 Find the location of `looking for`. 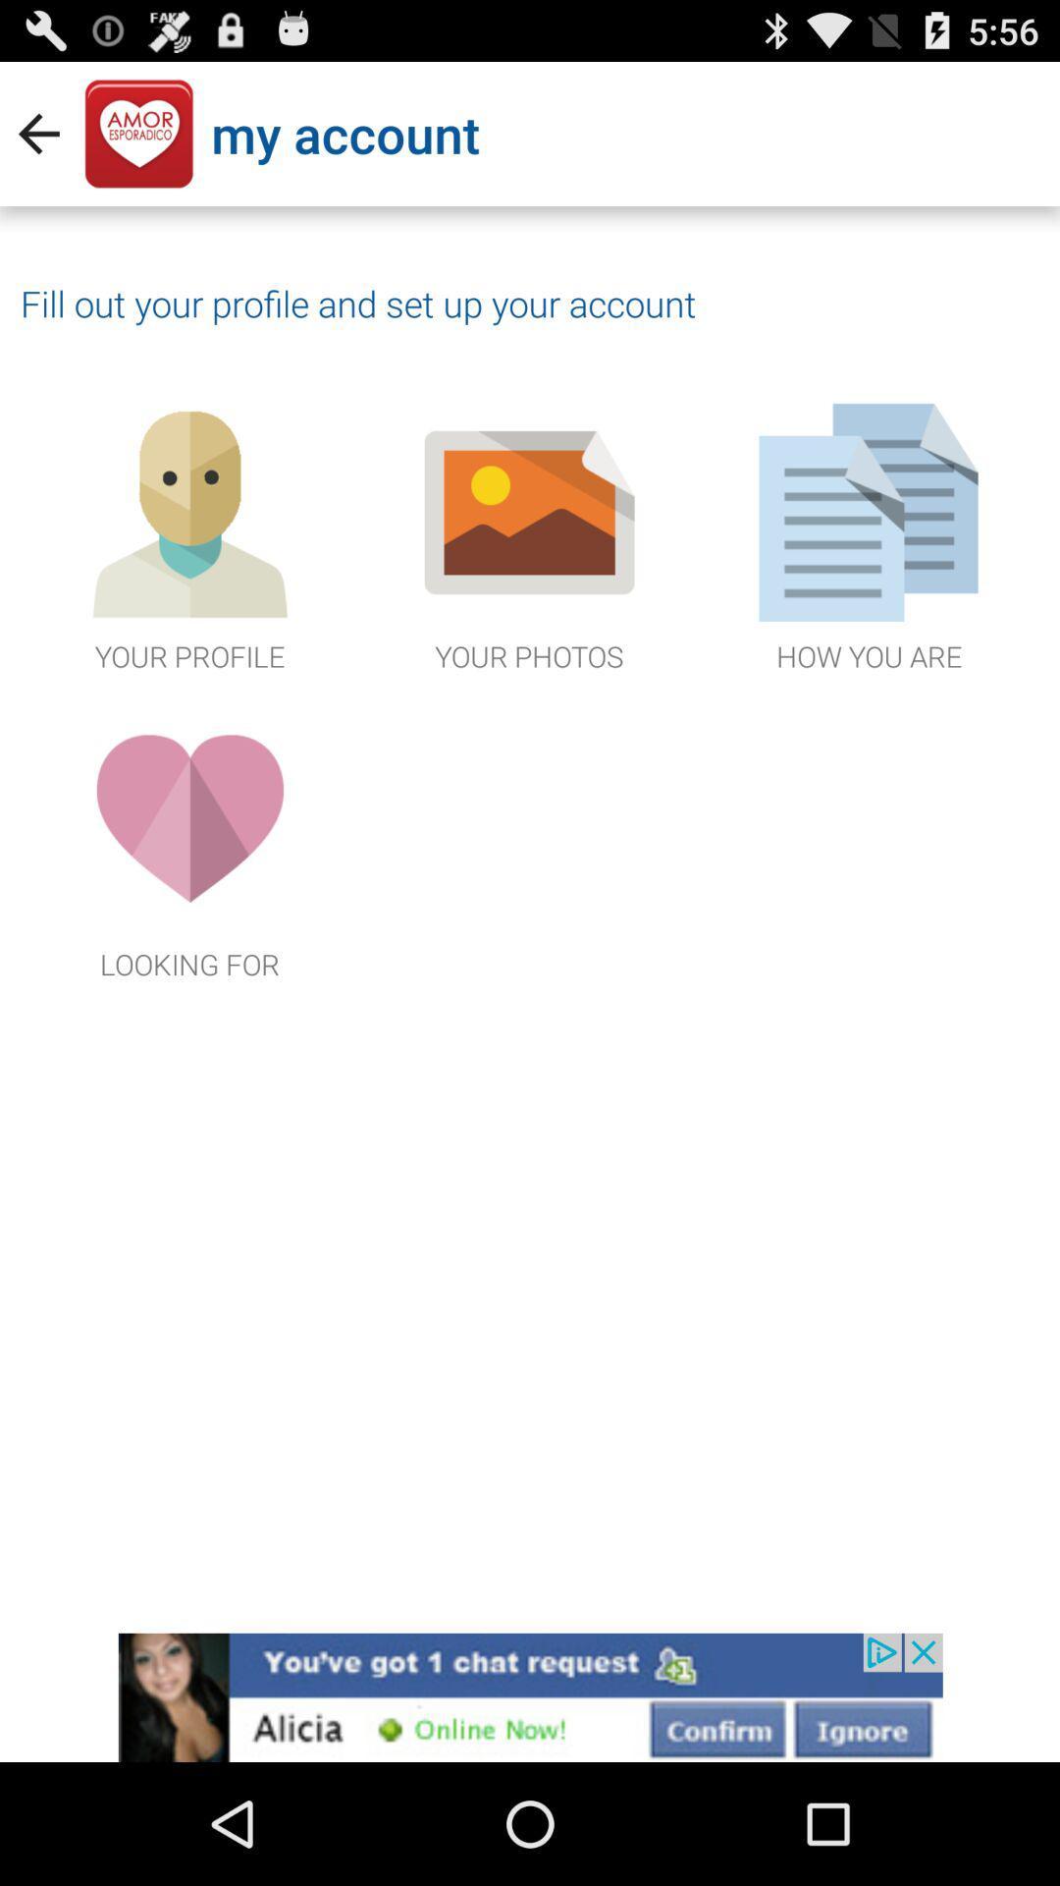

looking for is located at coordinates (189, 843).